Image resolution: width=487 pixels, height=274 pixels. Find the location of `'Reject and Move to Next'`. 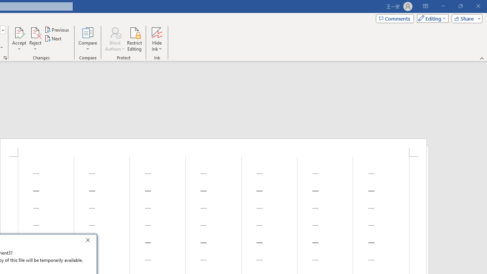

'Reject and Move to Next' is located at coordinates (35, 32).